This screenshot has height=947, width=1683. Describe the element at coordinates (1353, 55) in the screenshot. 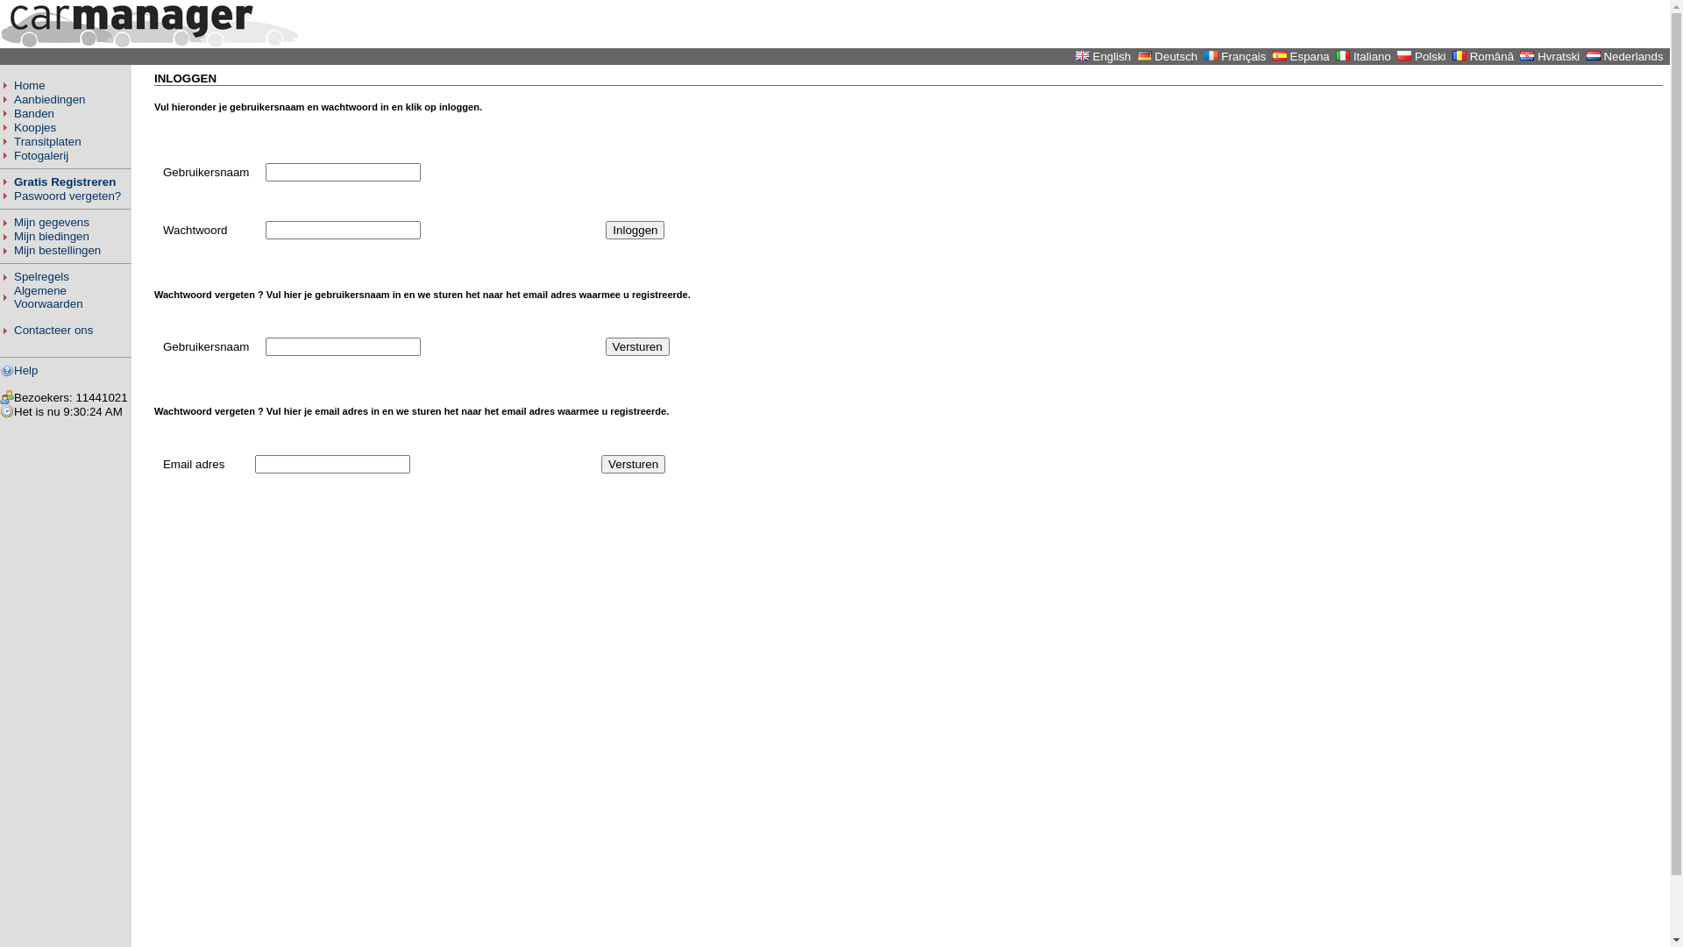

I see `'Italiano'` at that location.